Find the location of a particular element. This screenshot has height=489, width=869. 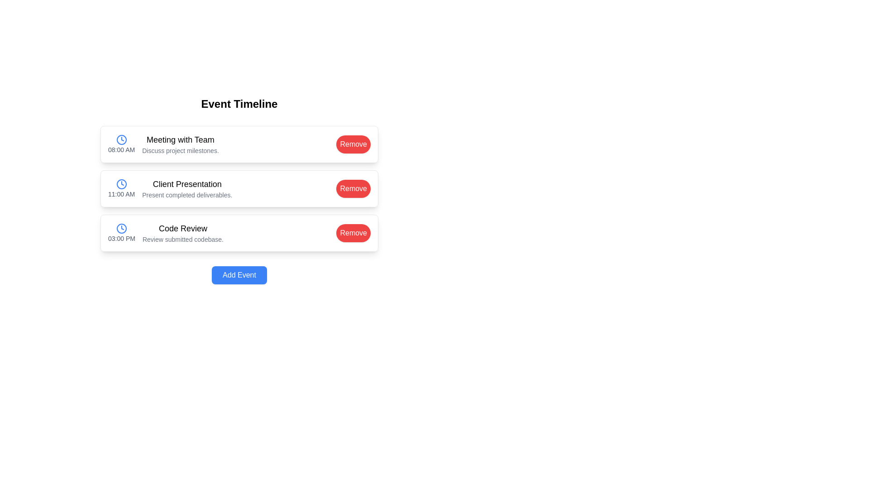

the text display component that provides details about the 'Client Presentation' event, located between '11:00 AM' and the 'Remove' button in the timeline list is located at coordinates (186, 188).